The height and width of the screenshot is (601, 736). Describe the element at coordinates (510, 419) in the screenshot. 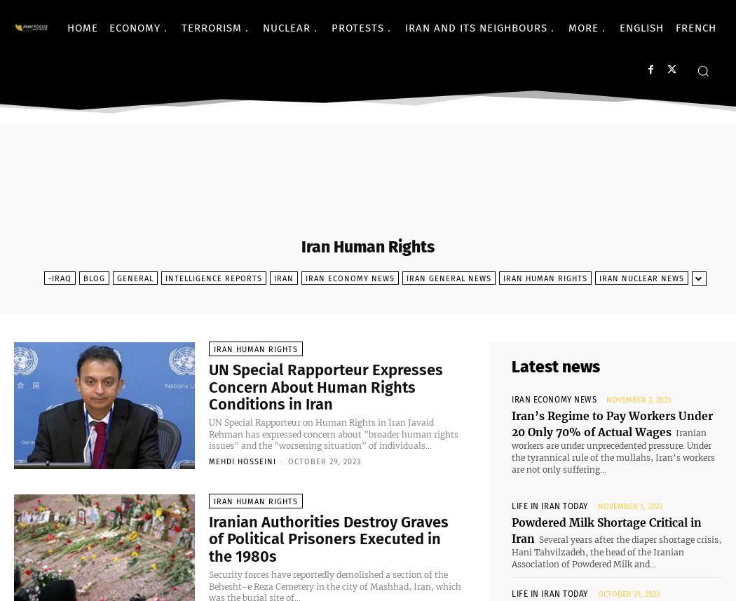

I see `'Iran’s Regime to Pay Workers Under 20 Only 70% of Actual Wages'` at that location.